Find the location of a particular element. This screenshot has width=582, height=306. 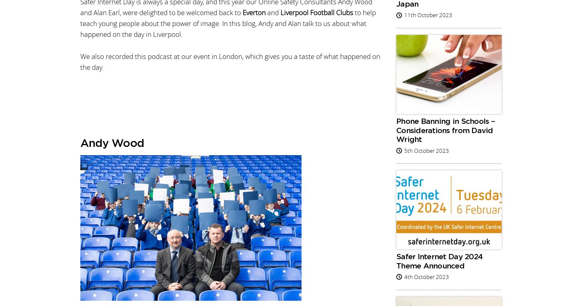

'Settings' is located at coordinates (313, 41).